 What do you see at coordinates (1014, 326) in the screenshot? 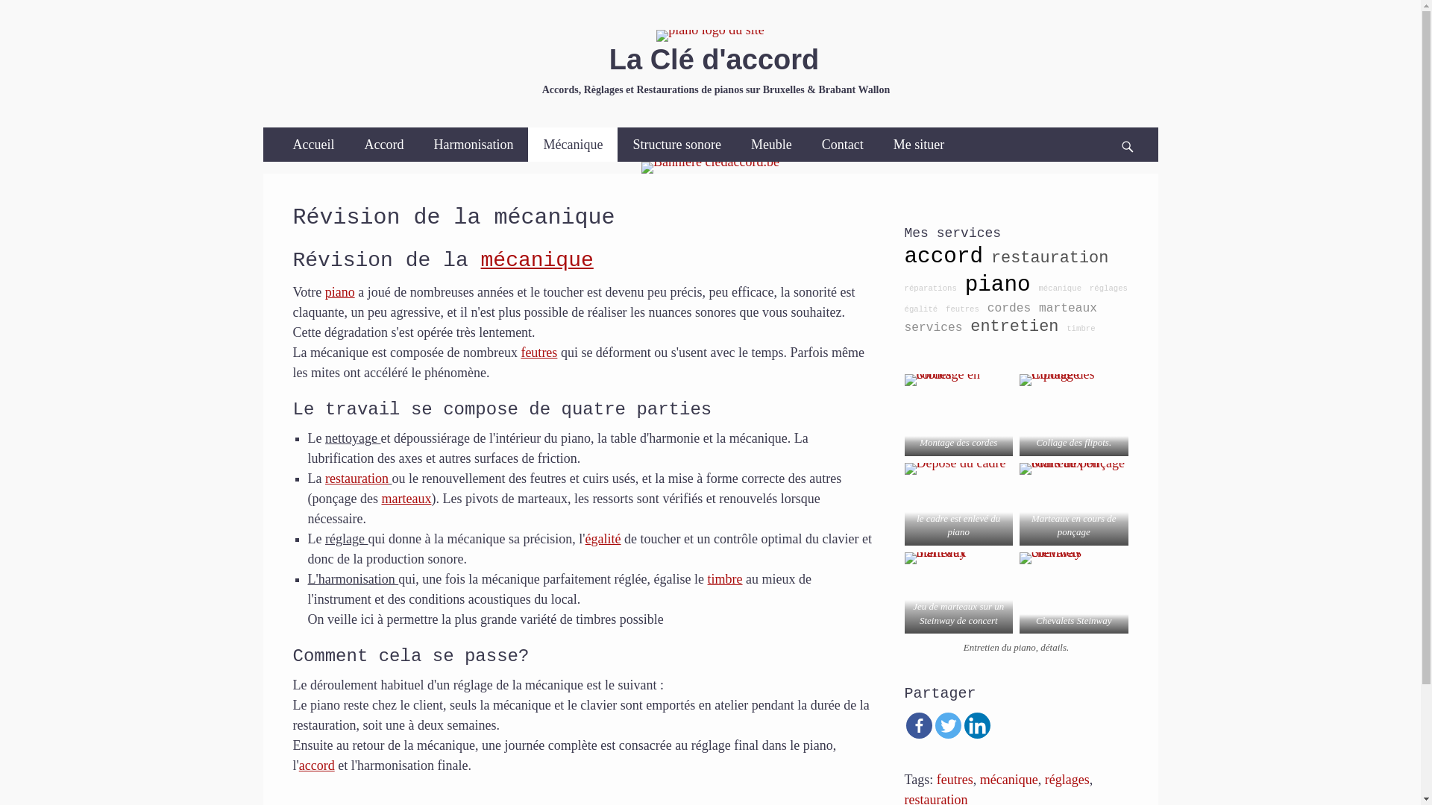
I see `'entretien'` at bounding box center [1014, 326].